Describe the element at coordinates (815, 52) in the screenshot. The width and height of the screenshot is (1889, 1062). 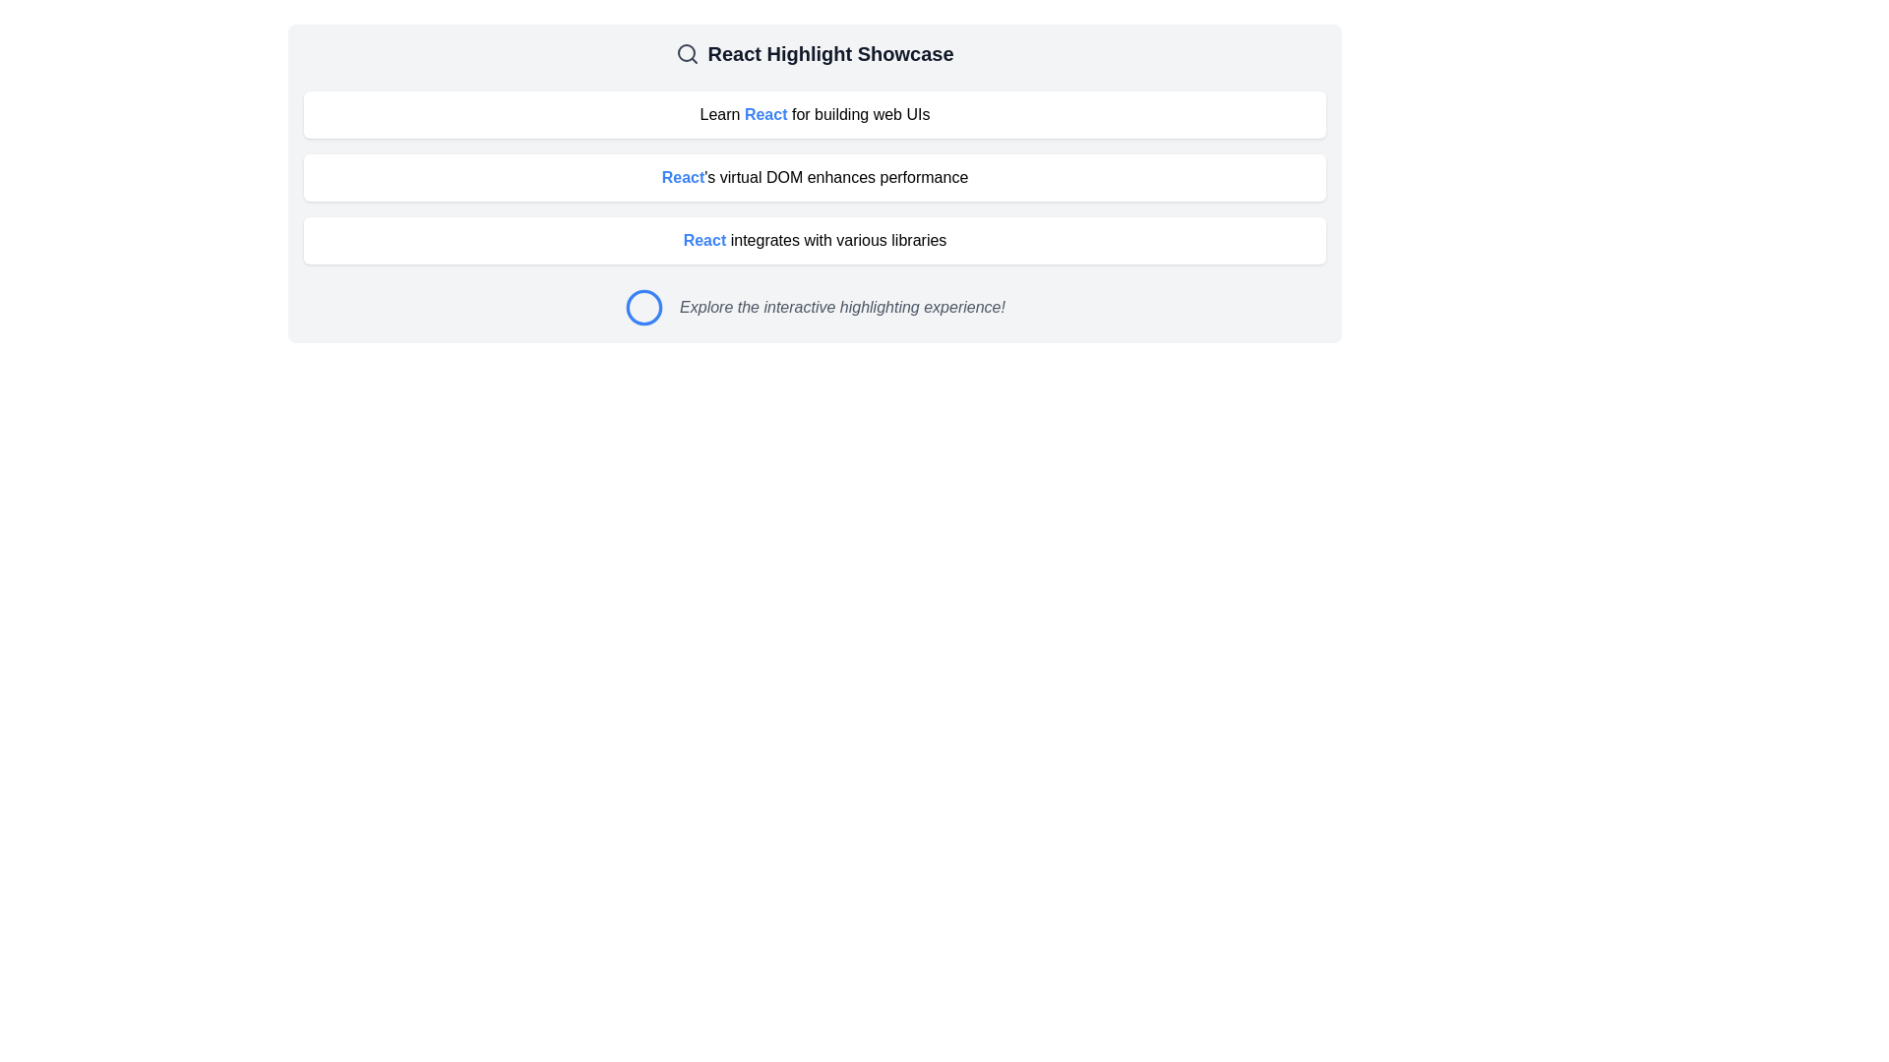
I see `the Header section that includes a magnifying glass icon and the bold text 'React Highlight Showcase'` at that location.